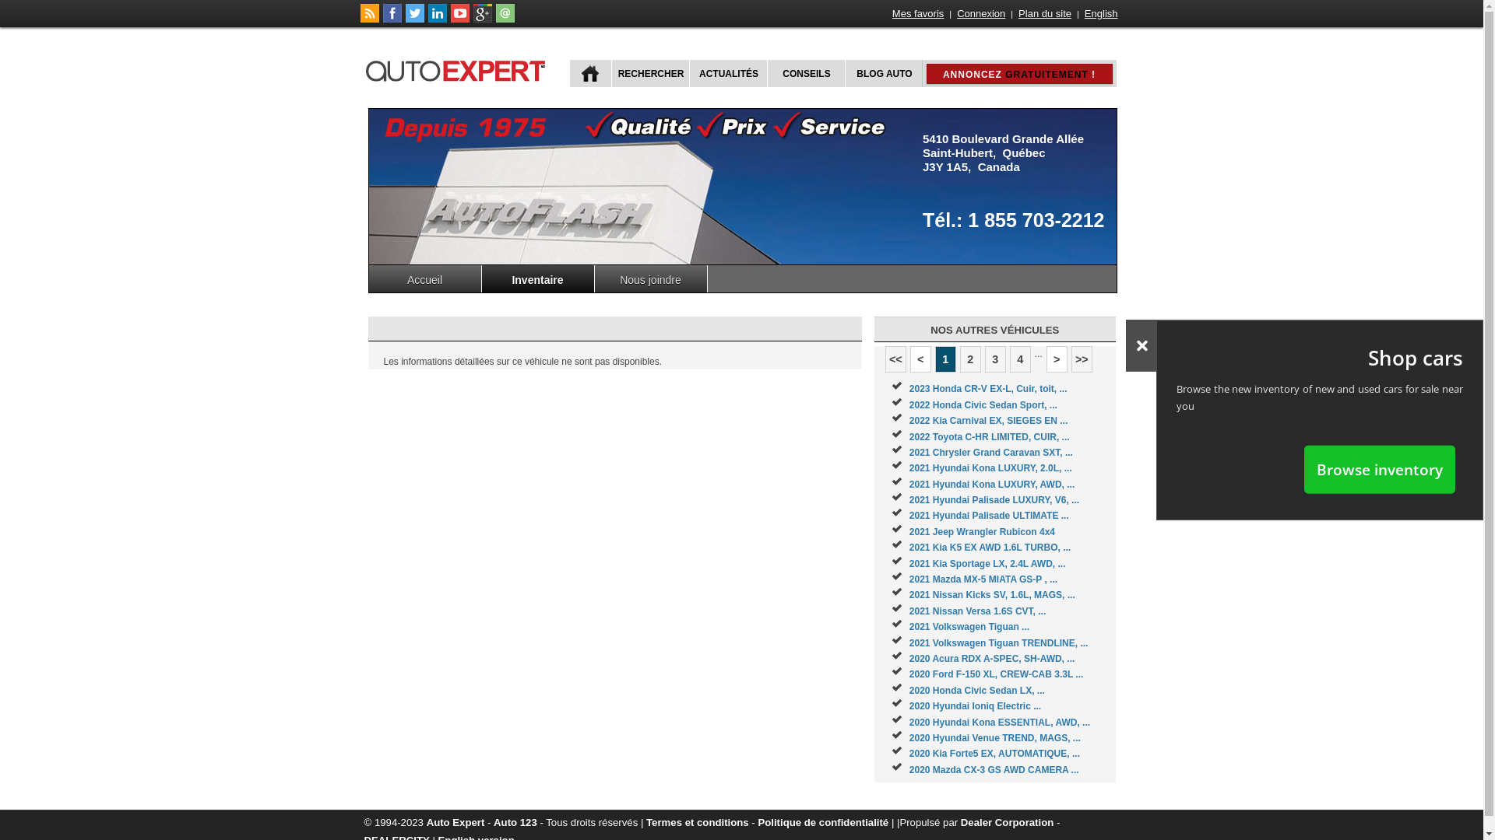  Describe the element at coordinates (1009, 359) in the screenshot. I see `'4'` at that location.